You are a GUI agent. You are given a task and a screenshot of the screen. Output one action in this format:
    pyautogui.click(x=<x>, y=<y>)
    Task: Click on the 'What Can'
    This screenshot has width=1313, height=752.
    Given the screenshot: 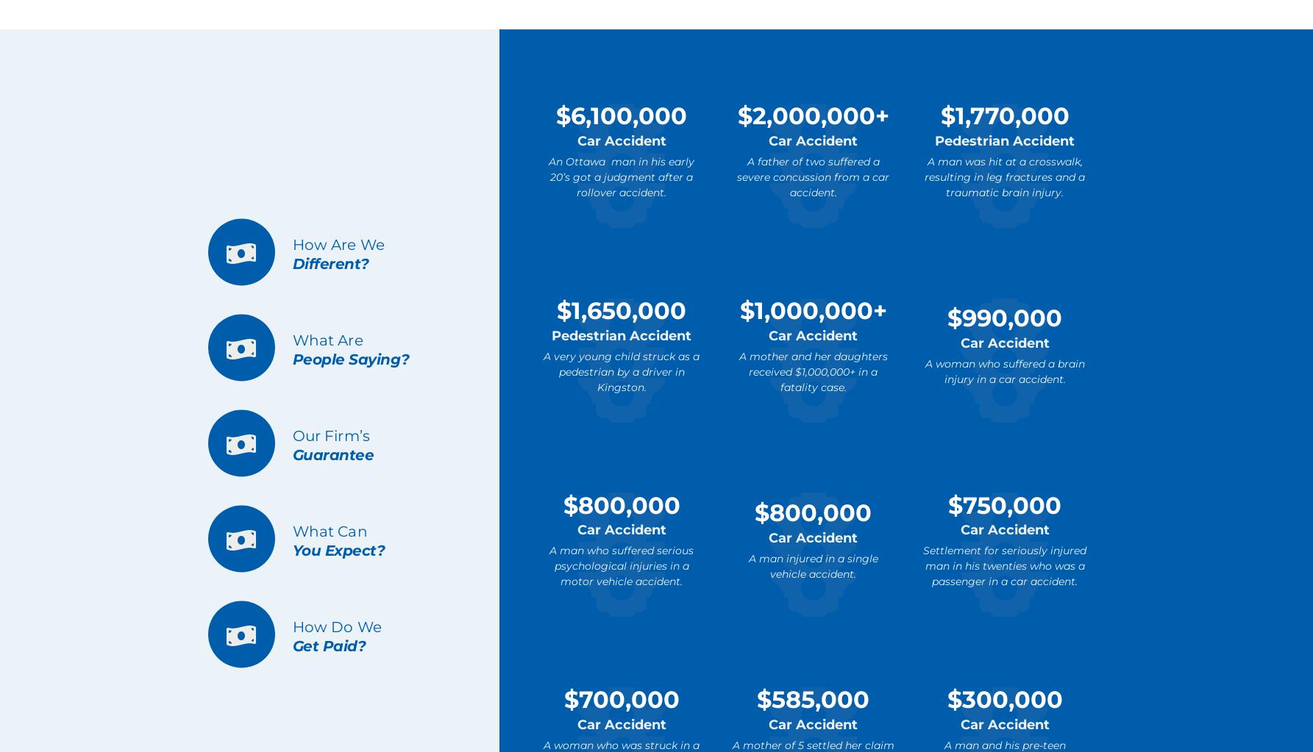 What is the action you would take?
    pyautogui.click(x=329, y=531)
    